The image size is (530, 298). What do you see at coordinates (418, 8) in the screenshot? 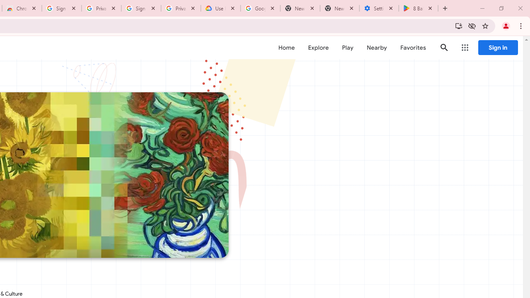
I see `'8 Ball Pool - Apps on Google Play'` at bounding box center [418, 8].